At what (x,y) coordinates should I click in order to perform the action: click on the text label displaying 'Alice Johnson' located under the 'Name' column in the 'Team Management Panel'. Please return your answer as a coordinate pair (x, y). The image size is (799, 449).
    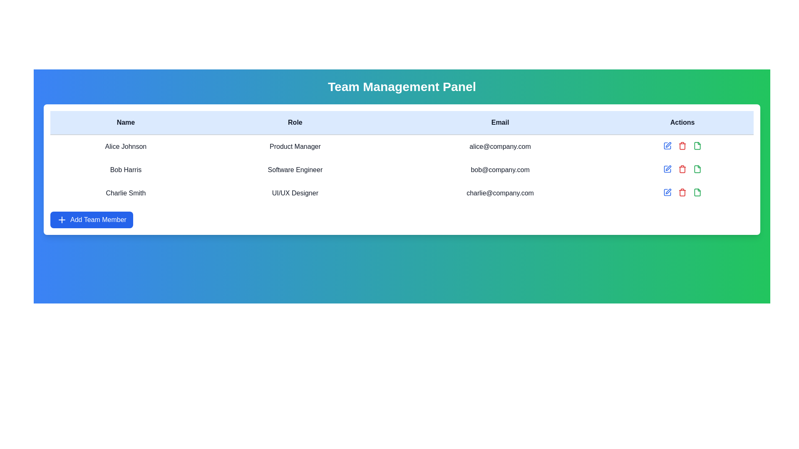
    Looking at the image, I should click on (125, 146).